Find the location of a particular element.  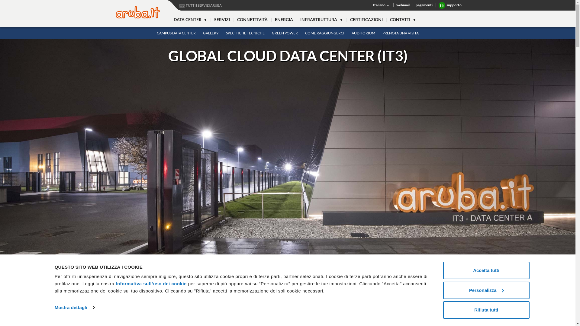

'INFRASTRUTTURA' is located at coordinates (297, 19).